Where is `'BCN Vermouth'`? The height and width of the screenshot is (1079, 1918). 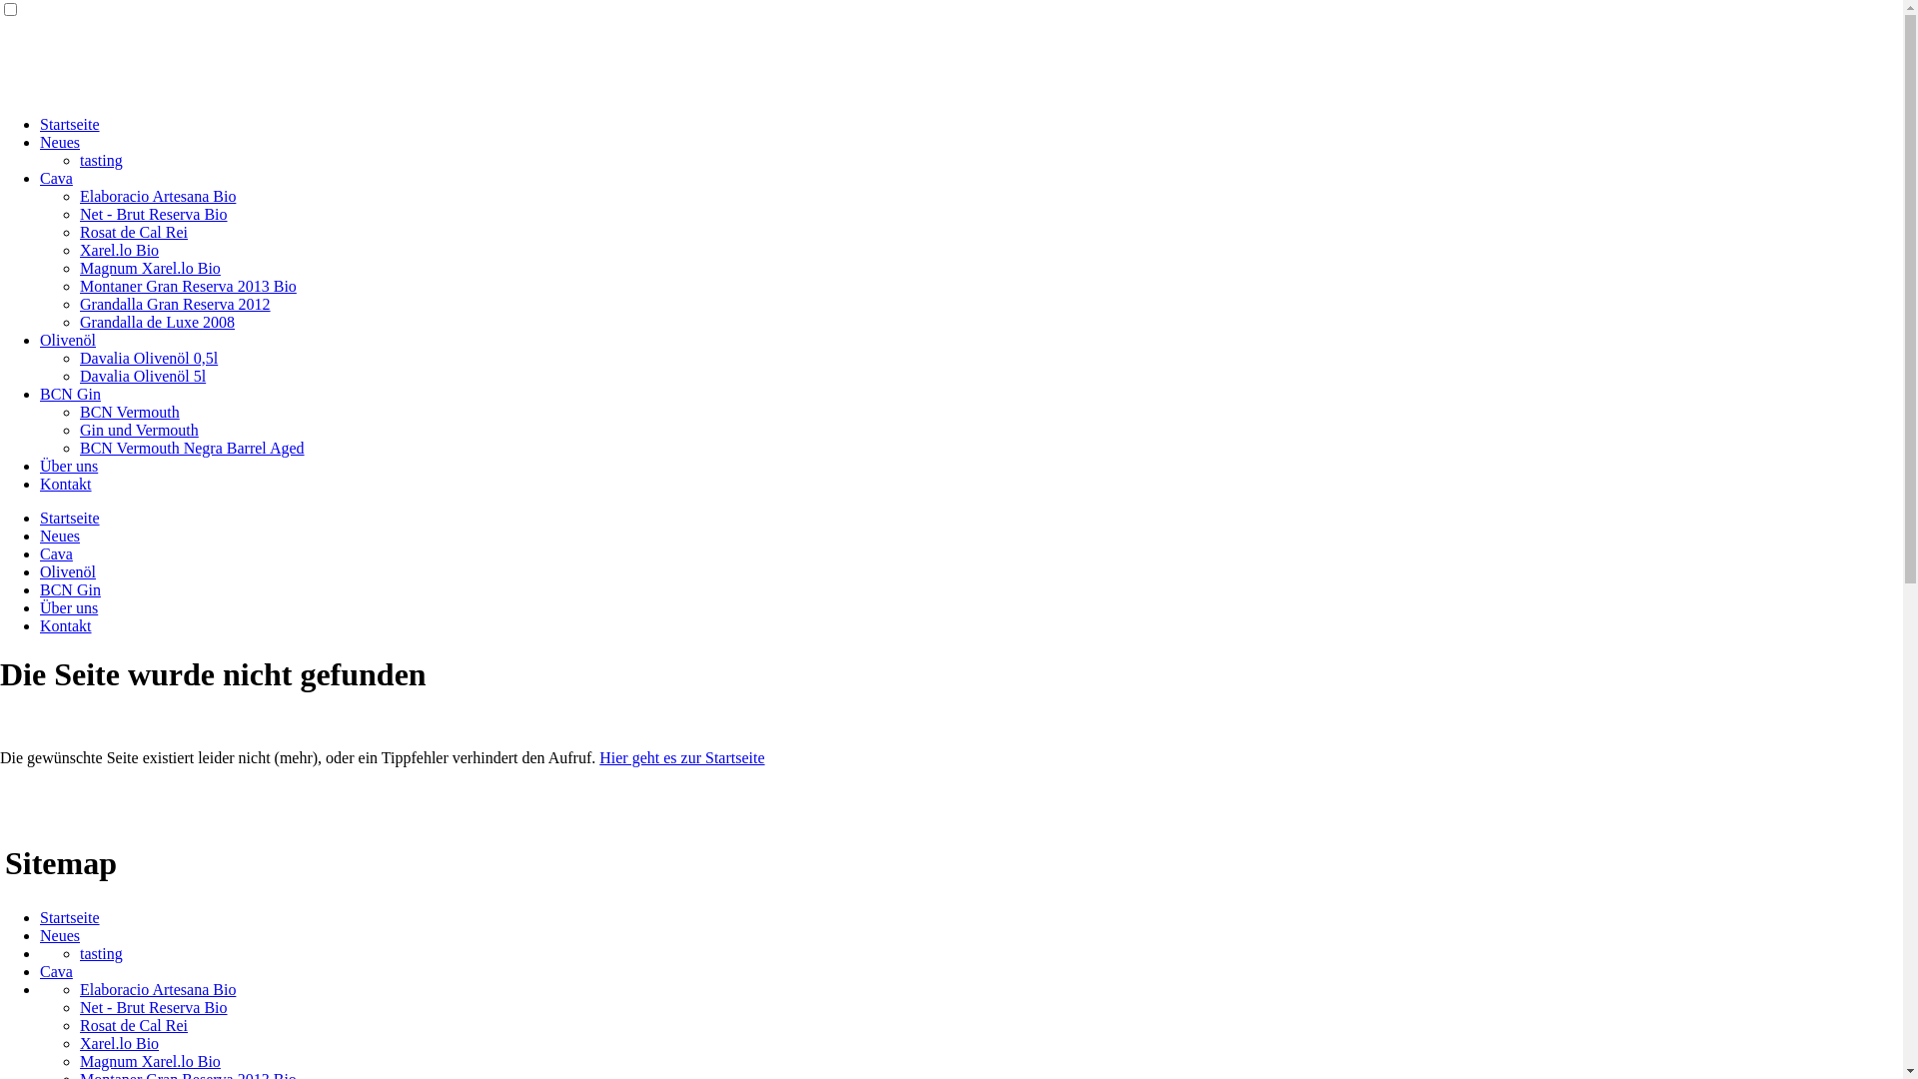
'BCN Vermouth' is located at coordinates (128, 411).